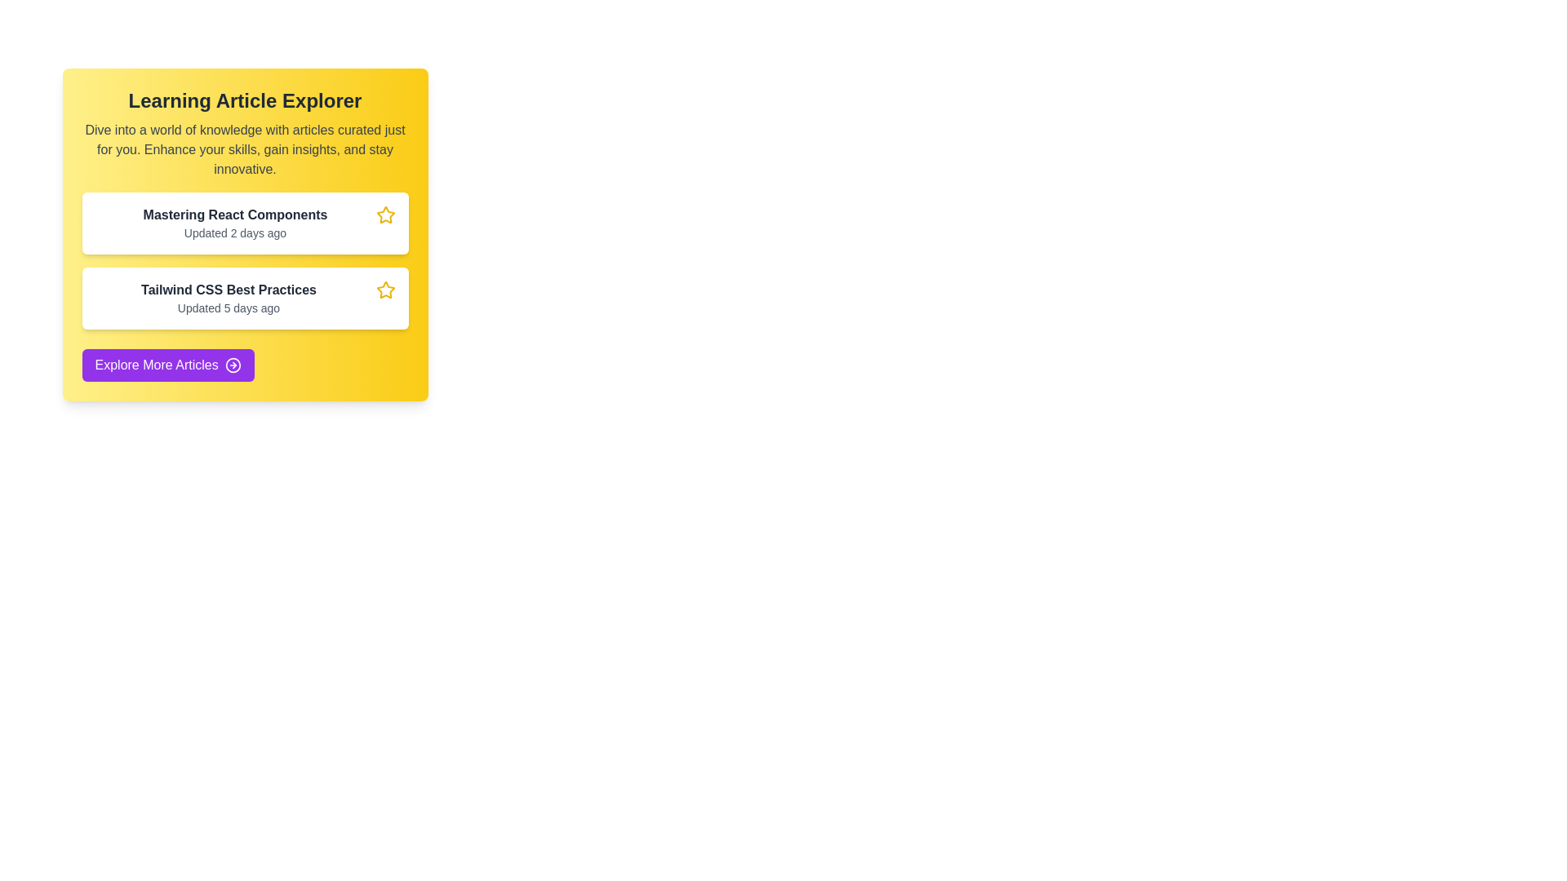  Describe the element at coordinates (168, 364) in the screenshot. I see `the button labeled 'Explore More Articles' with a purple background and white text` at that location.